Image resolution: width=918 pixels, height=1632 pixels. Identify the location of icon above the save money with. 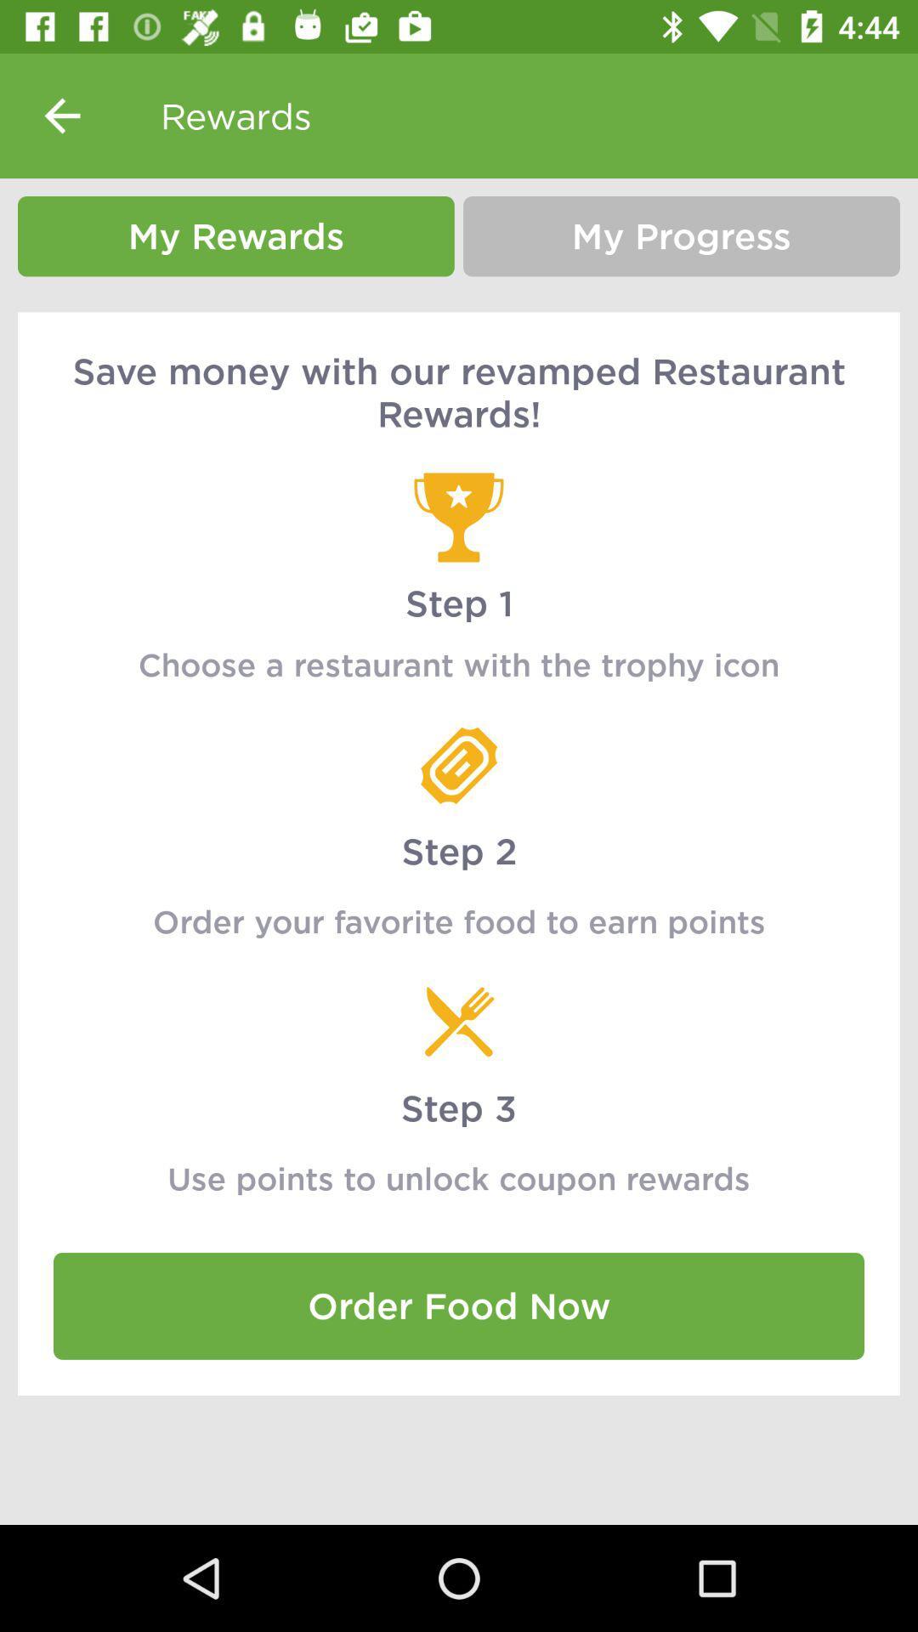
(235, 235).